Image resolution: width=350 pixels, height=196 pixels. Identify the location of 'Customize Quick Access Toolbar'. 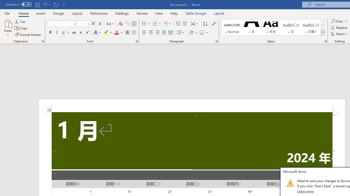
(64, 4).